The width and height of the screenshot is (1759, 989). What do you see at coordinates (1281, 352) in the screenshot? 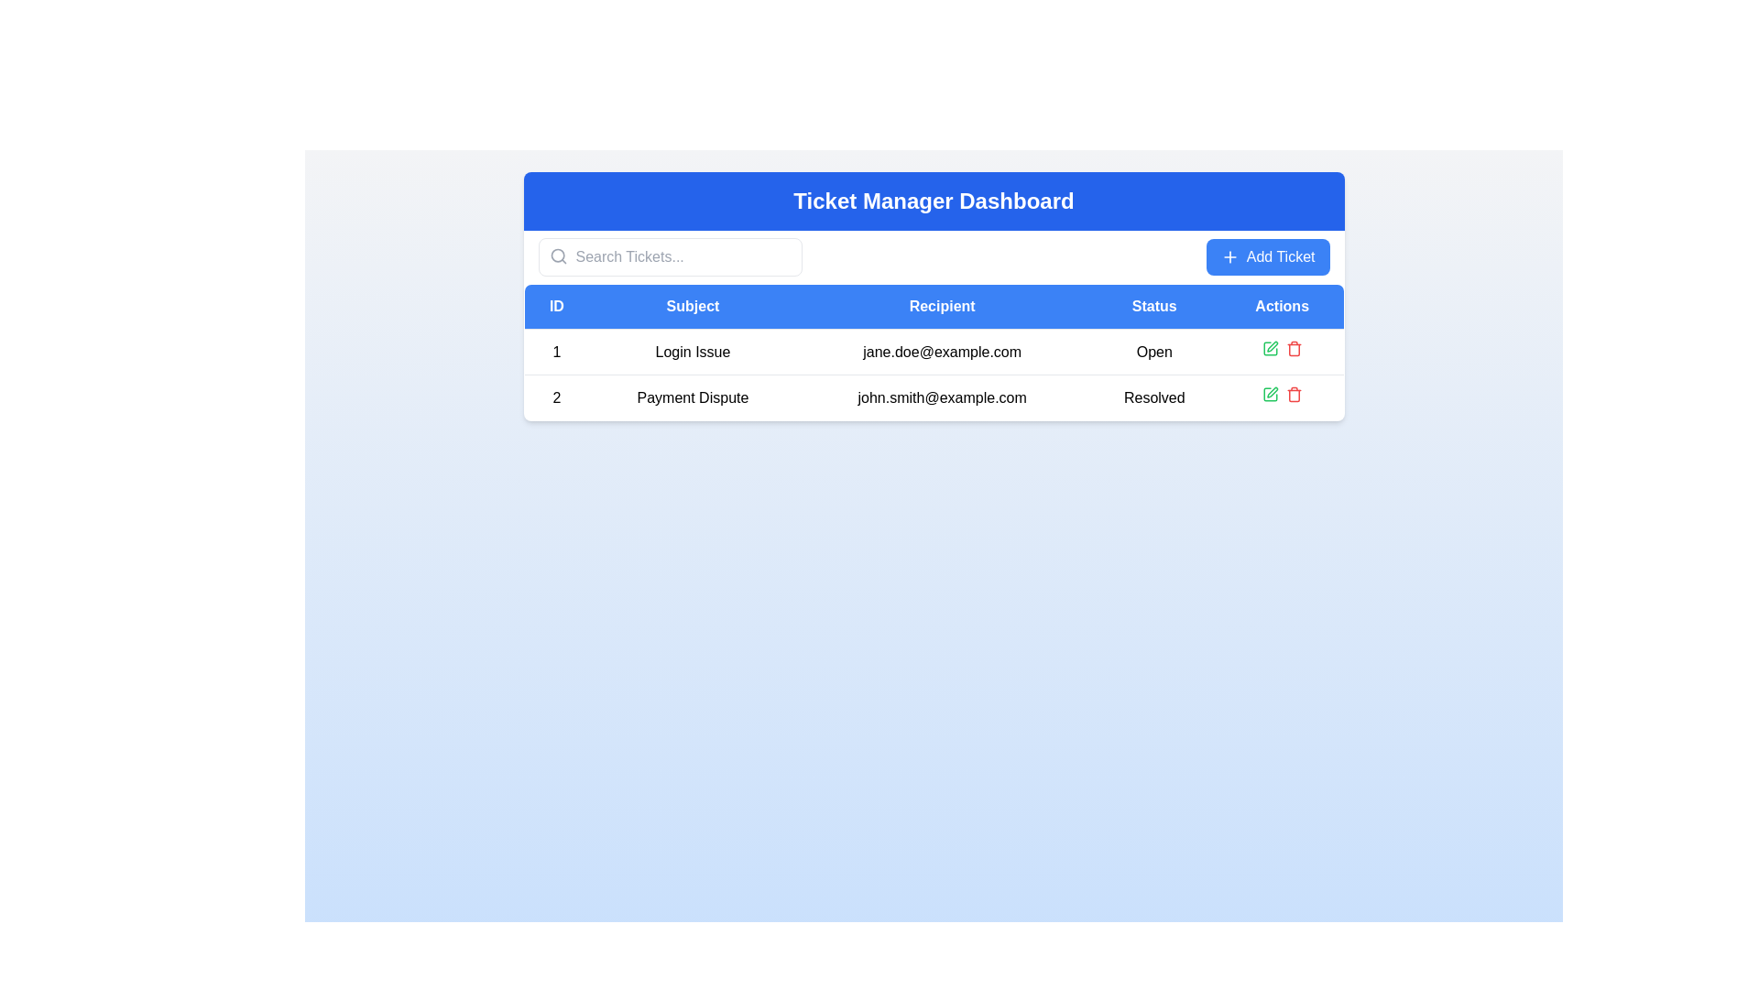
I see `the delete icon in the Action cell of the first row of the table, specifically in the fifth column aligned with the 'Login Issue' ticket` at bounding box center [1281, 352].